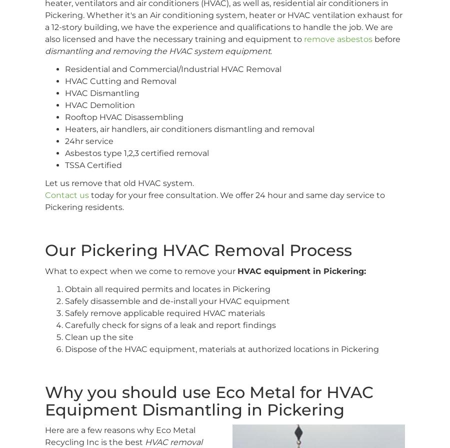 Image resolution: width=450 pixels, height=448 pixels. What do you see at coordinates (170, 324) in the screenshot?
I see `'Carefully check for signs of a leak and report findings'` at bounding box center [170, 324].